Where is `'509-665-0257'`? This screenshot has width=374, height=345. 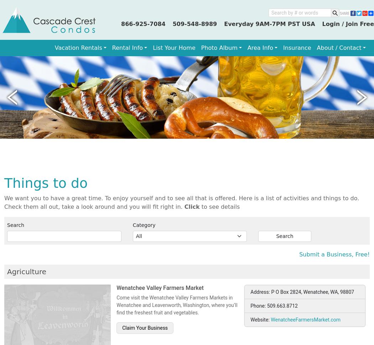 '509-665-0257' is located at coordinates (282, 107).